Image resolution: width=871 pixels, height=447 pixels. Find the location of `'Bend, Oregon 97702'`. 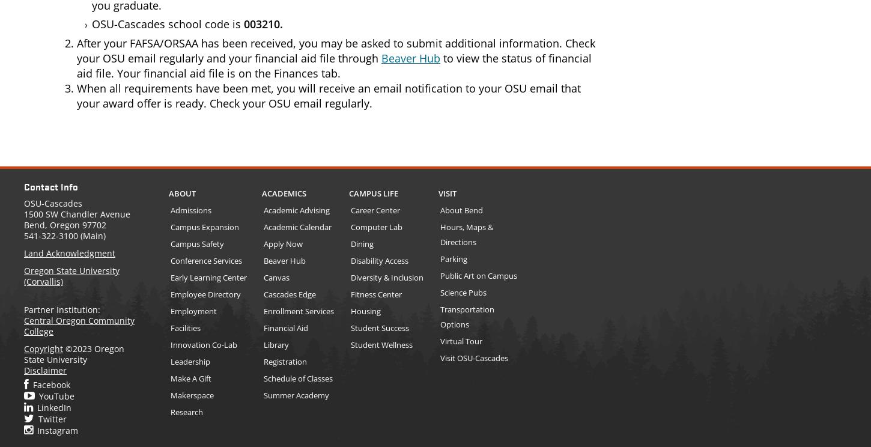

'Bend, Oregon 97702' is located at coordinates (65, 225).